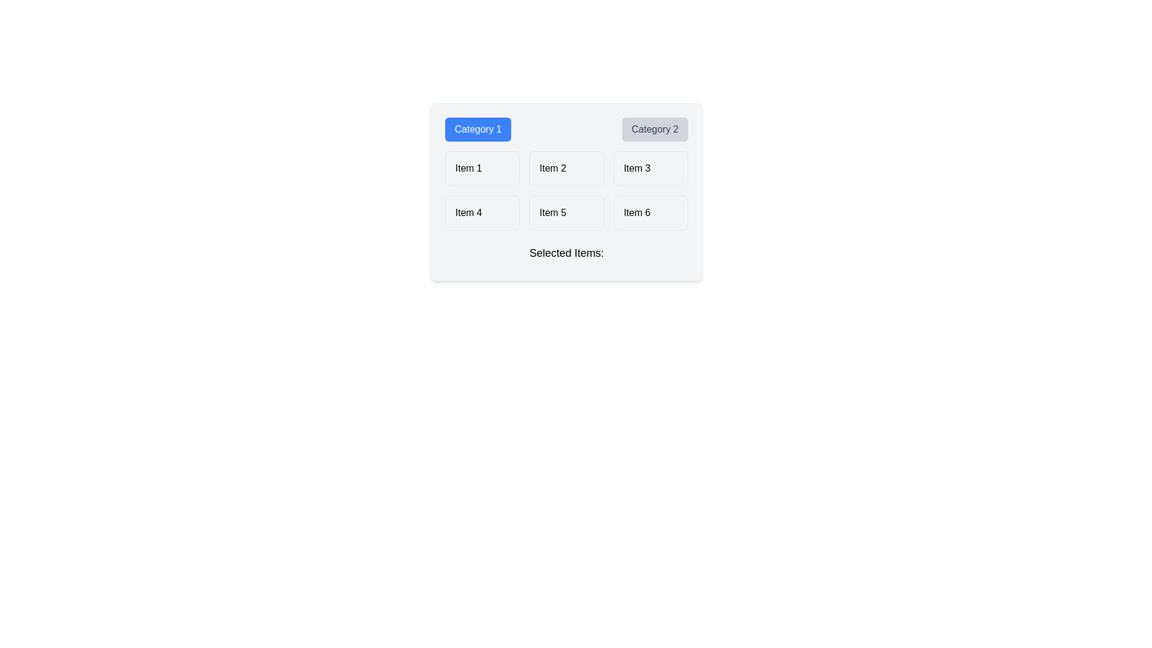 This screenshot has width=1152, height=648. Describe the element at coordinates (654, 130) in the screenshot. I see `the 'Category 2' button, which is a rectangular button with a light gray background and dark gray text, to potentially reveal additional context` at that location.